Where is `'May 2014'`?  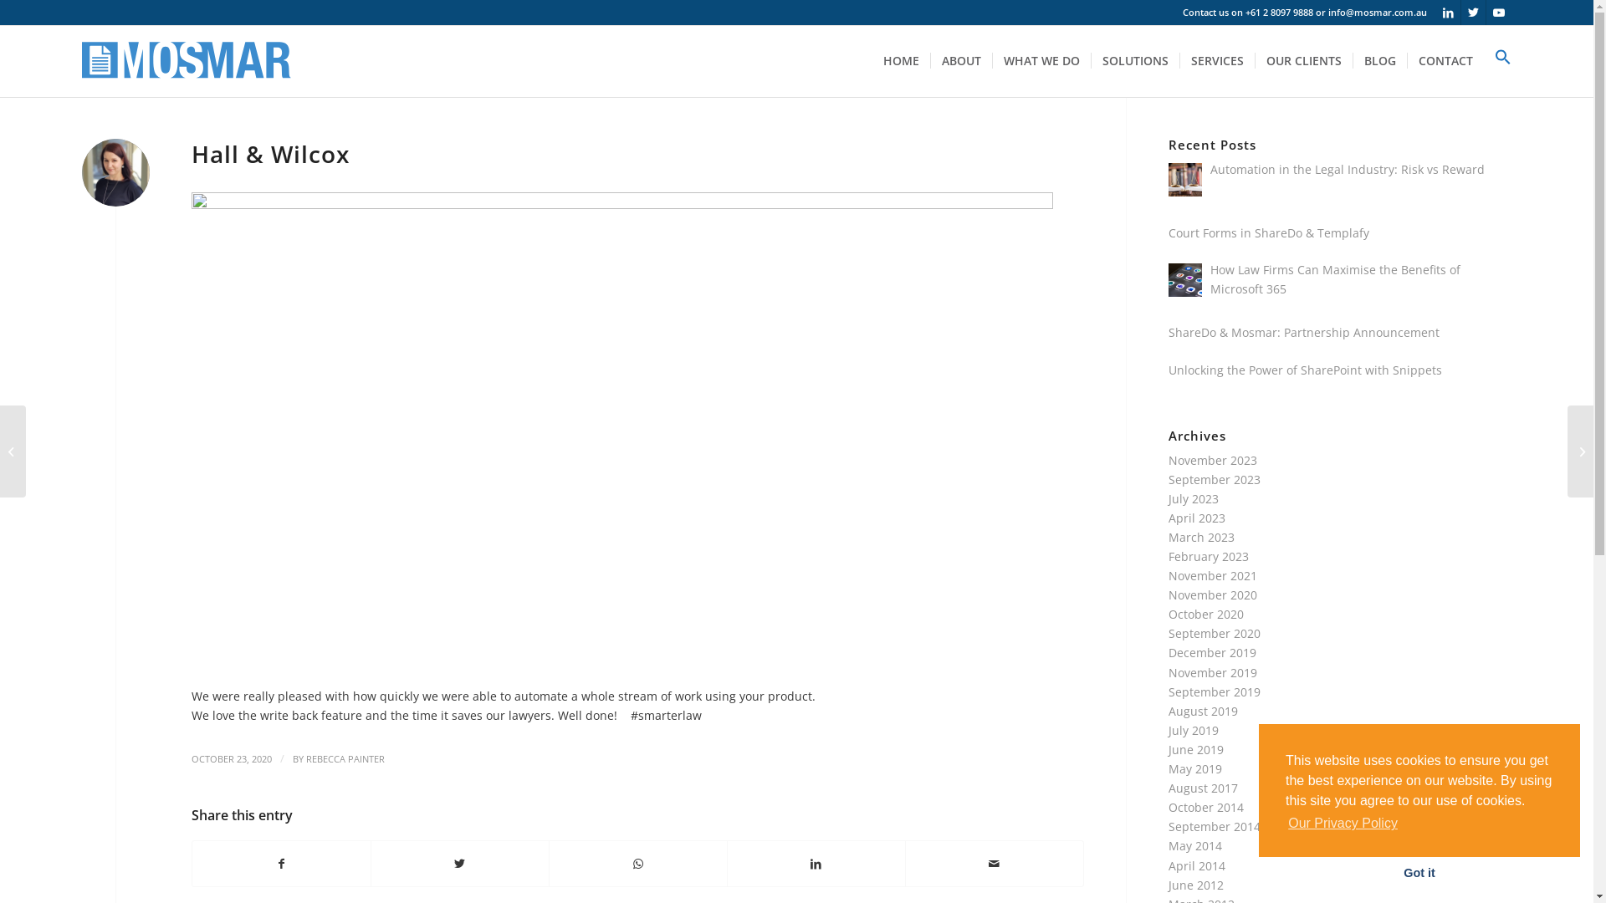
'May 2014' is located at coordinates (1194, 845).